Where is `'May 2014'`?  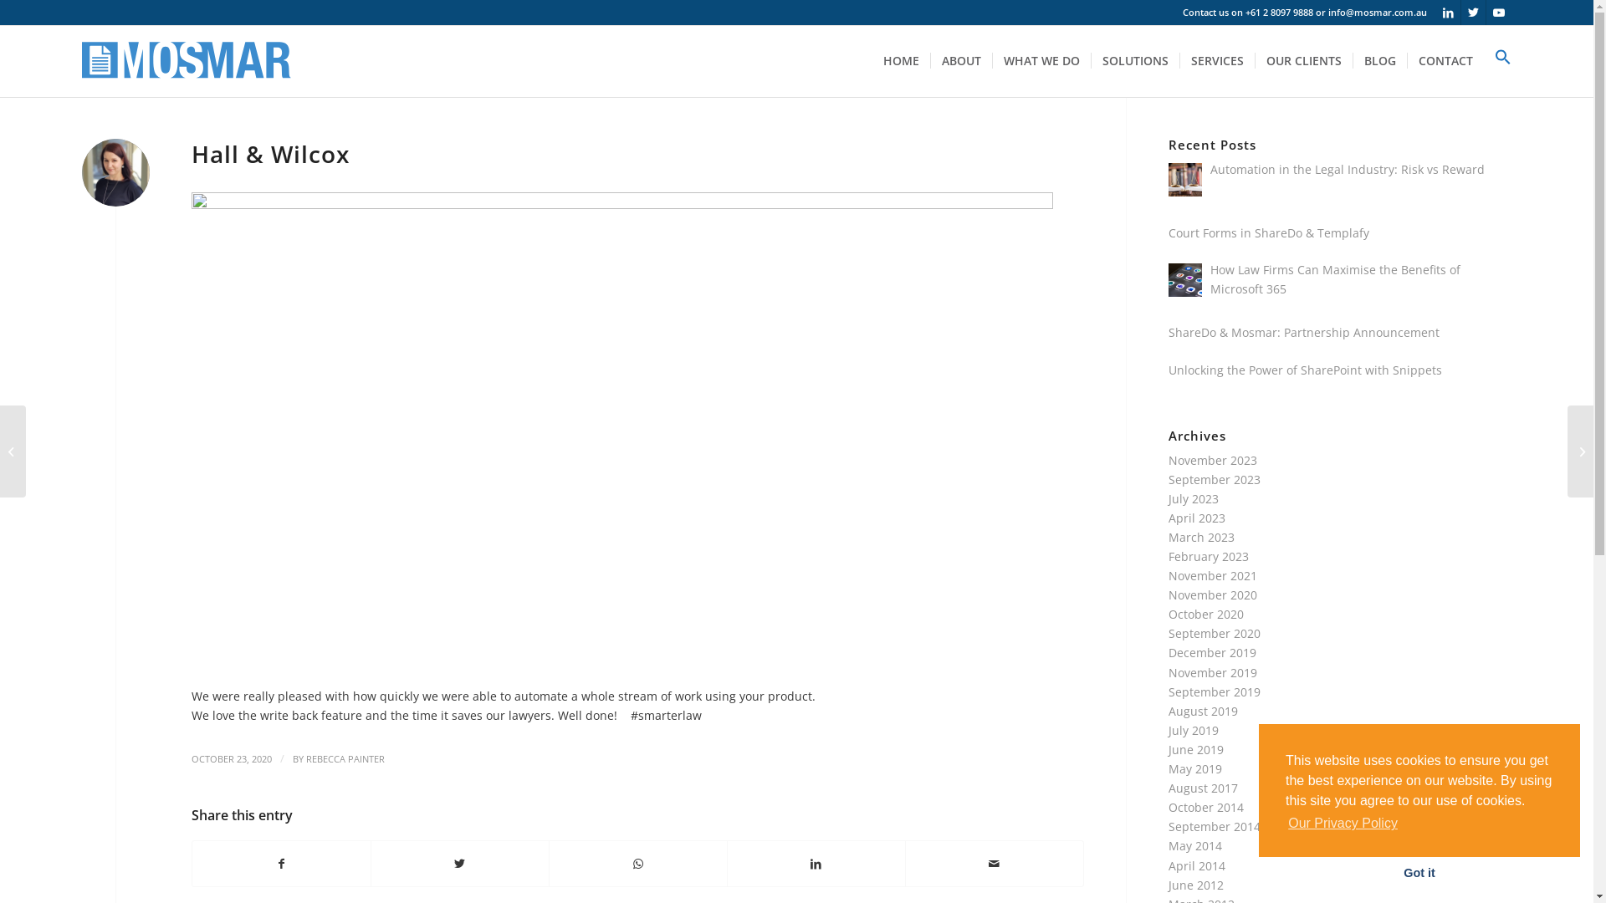
'May 2014' is located at coordinates (1194, 845).